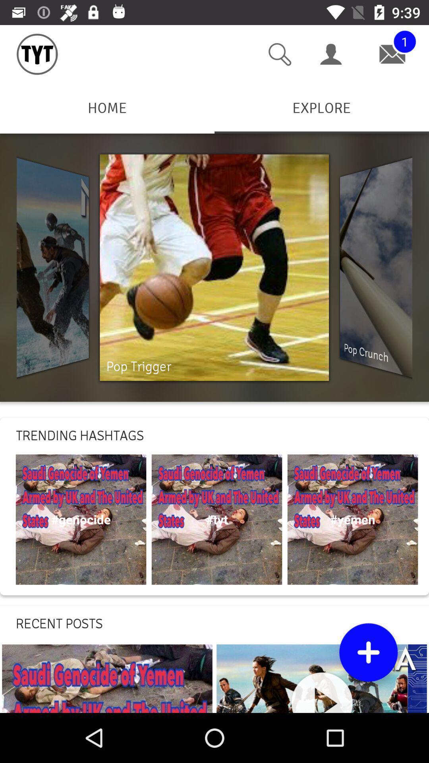 The height and width of the screenshot is (763, 429). Describe the element at coordinates (368, 652) in the screenshot. I see `the add icon` at that location.